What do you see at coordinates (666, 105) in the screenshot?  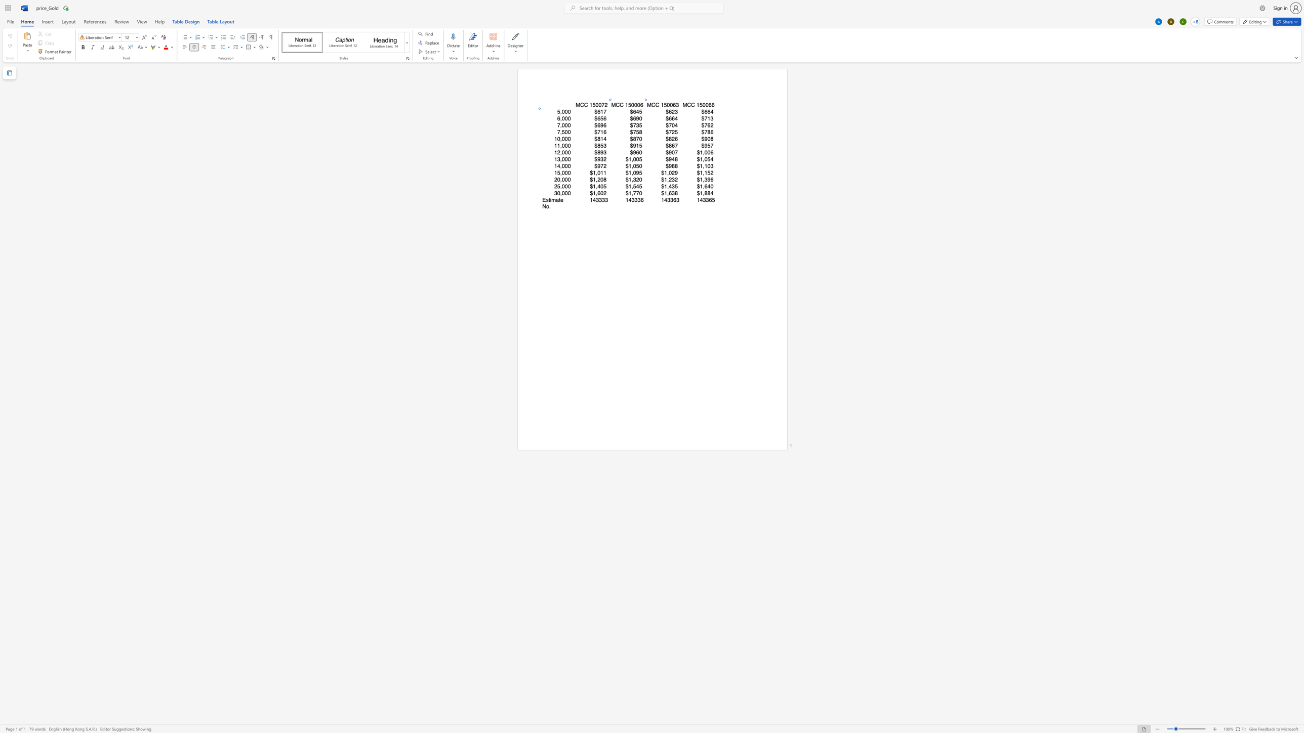 I see `the space between the continuous character "5" and "0" in the text` at bounding box center [666, 105].